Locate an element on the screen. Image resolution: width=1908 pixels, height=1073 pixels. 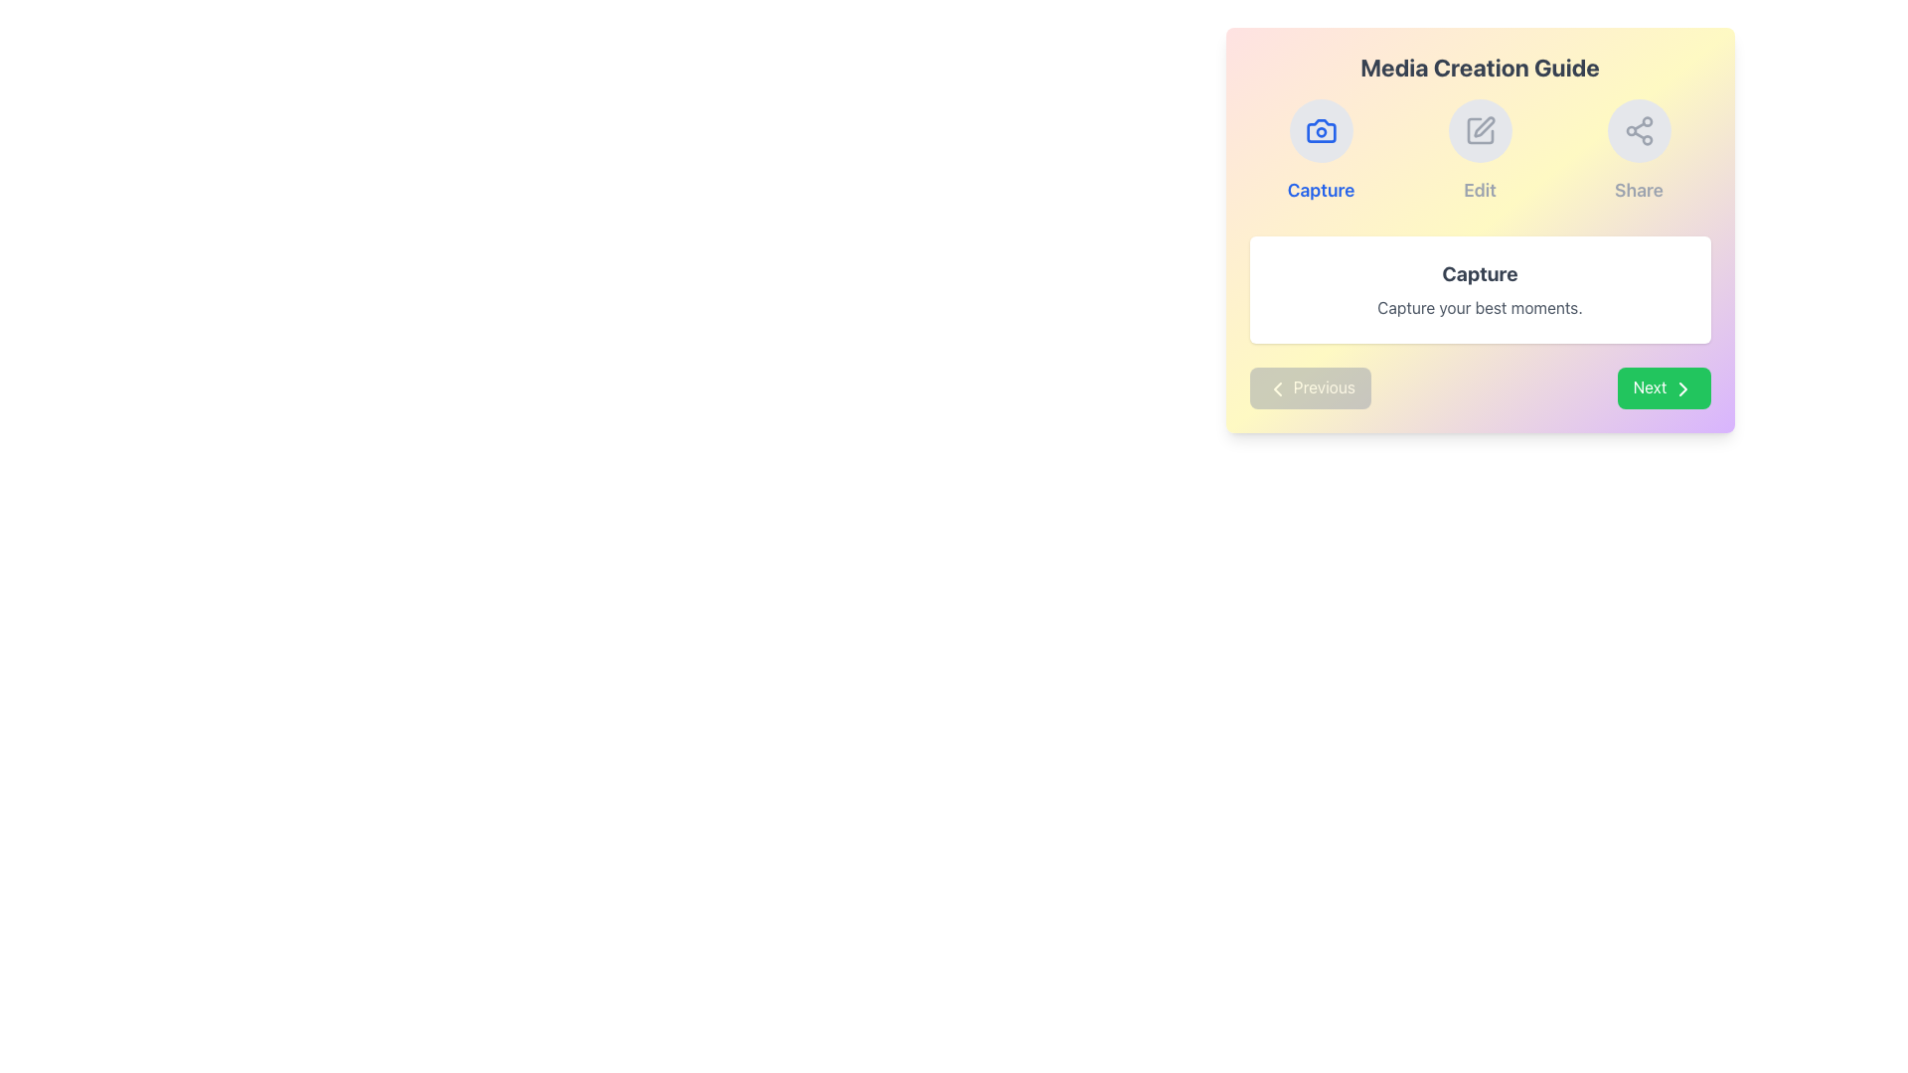
the left navigation arrow button, which is a triangular-shaped icon pointing left, located towards the bottom-left of the dialog box beneath the 'Capture' description is located at coordinates (1277, 388).